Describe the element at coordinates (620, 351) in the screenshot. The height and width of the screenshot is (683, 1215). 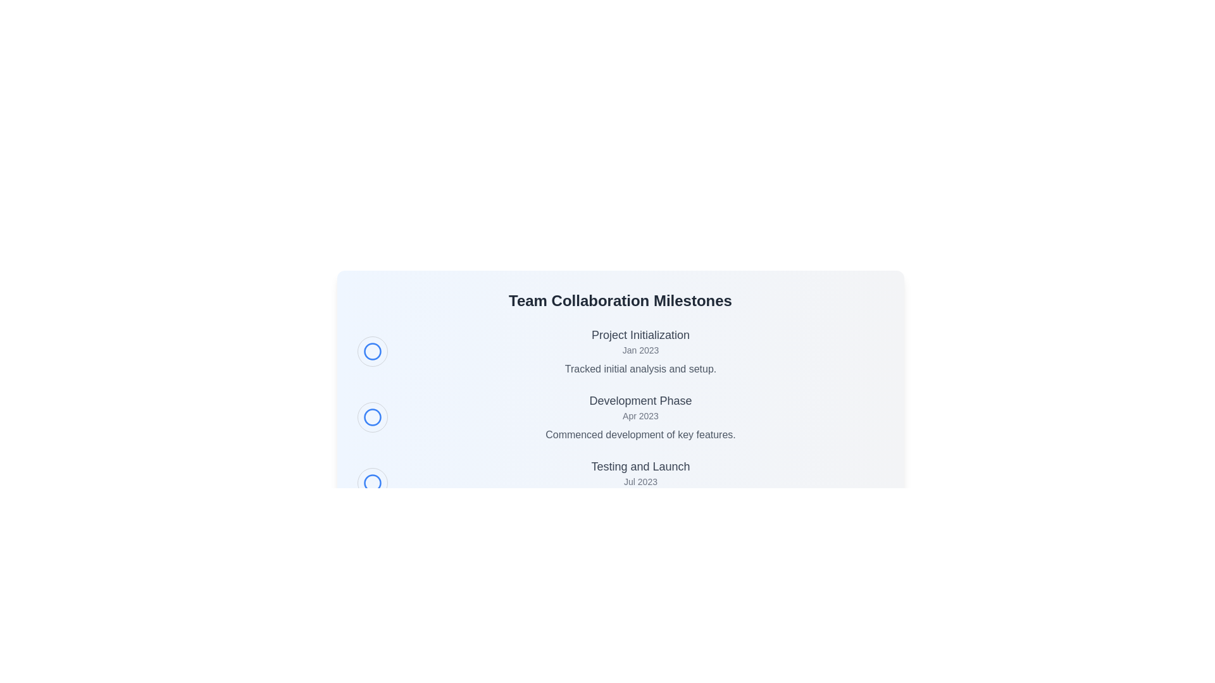
I see `the list item representing 'Project Initialization' milestone in the 'Team Collaboration Milestones' section` at that location.